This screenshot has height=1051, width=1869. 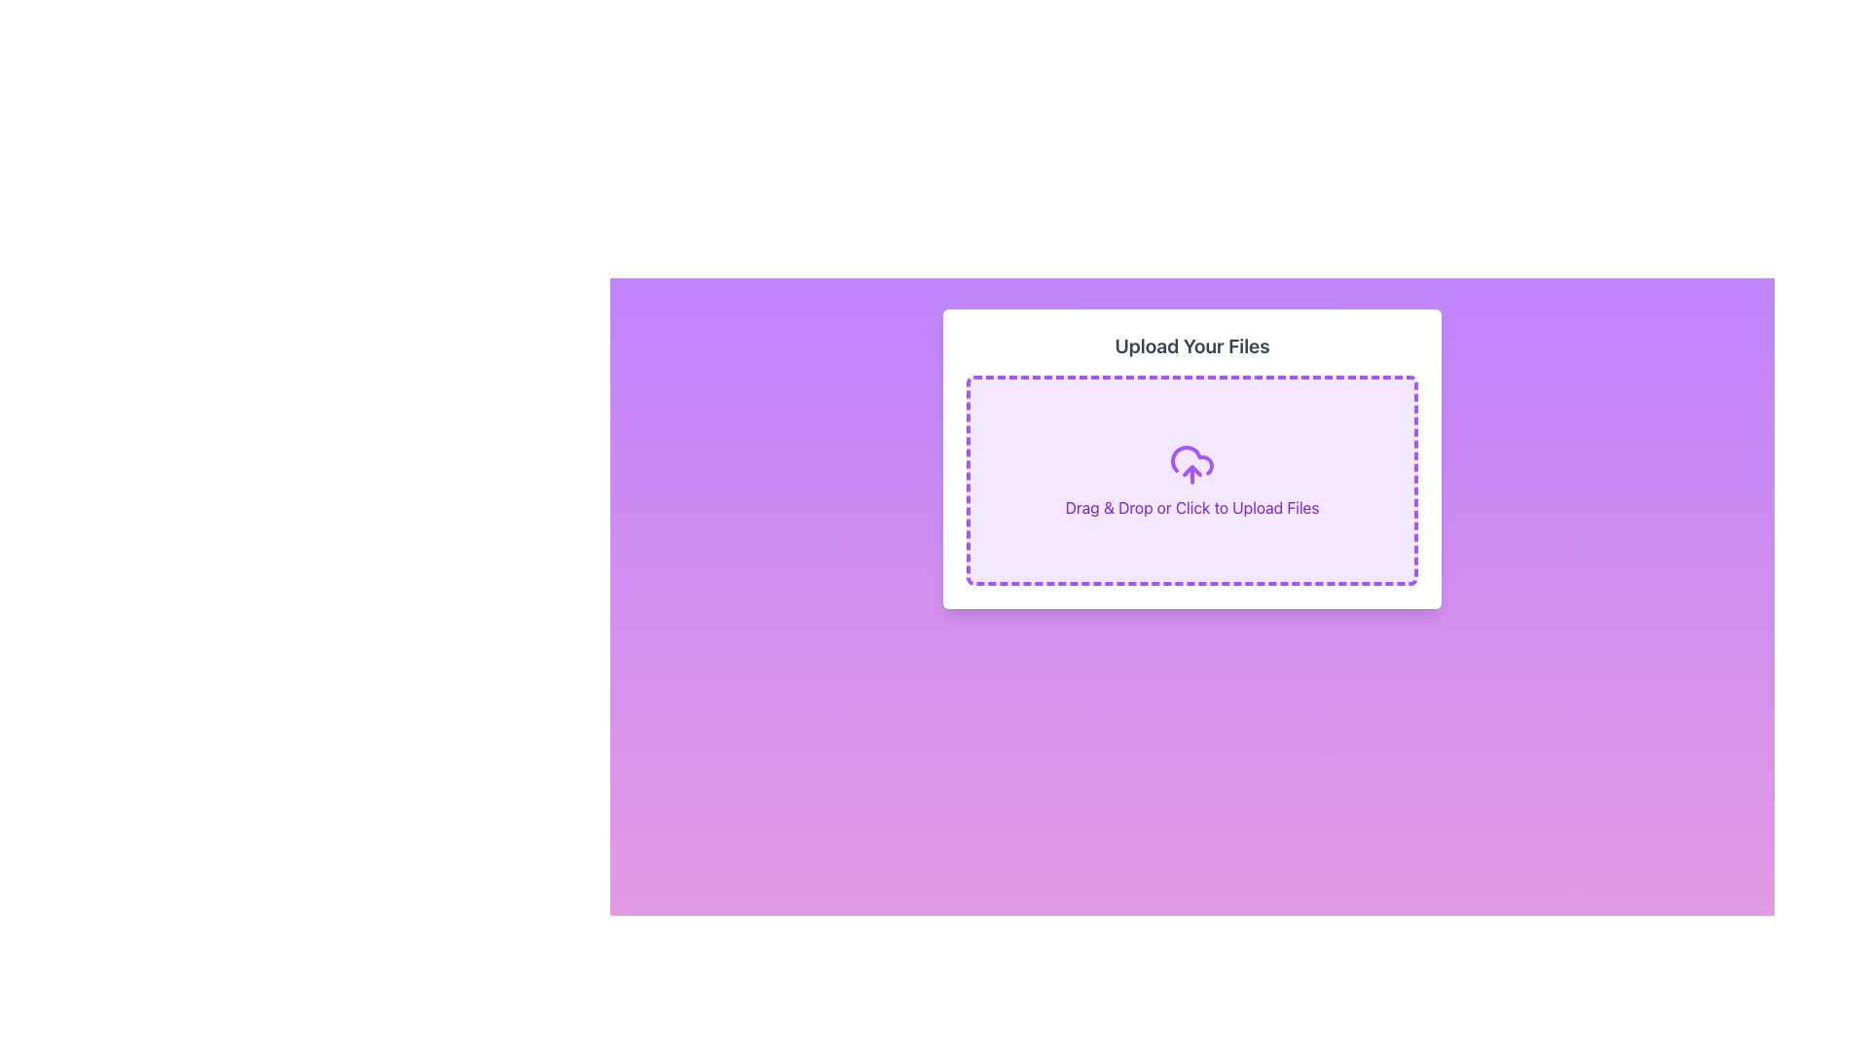 What do you see at coordinates (1191, 506) in the screenshot?
I see `instructional text that guides users on how to interact with the file upload area, which is centrally located and includes an icon above it` at bounding box center [1191, 506].